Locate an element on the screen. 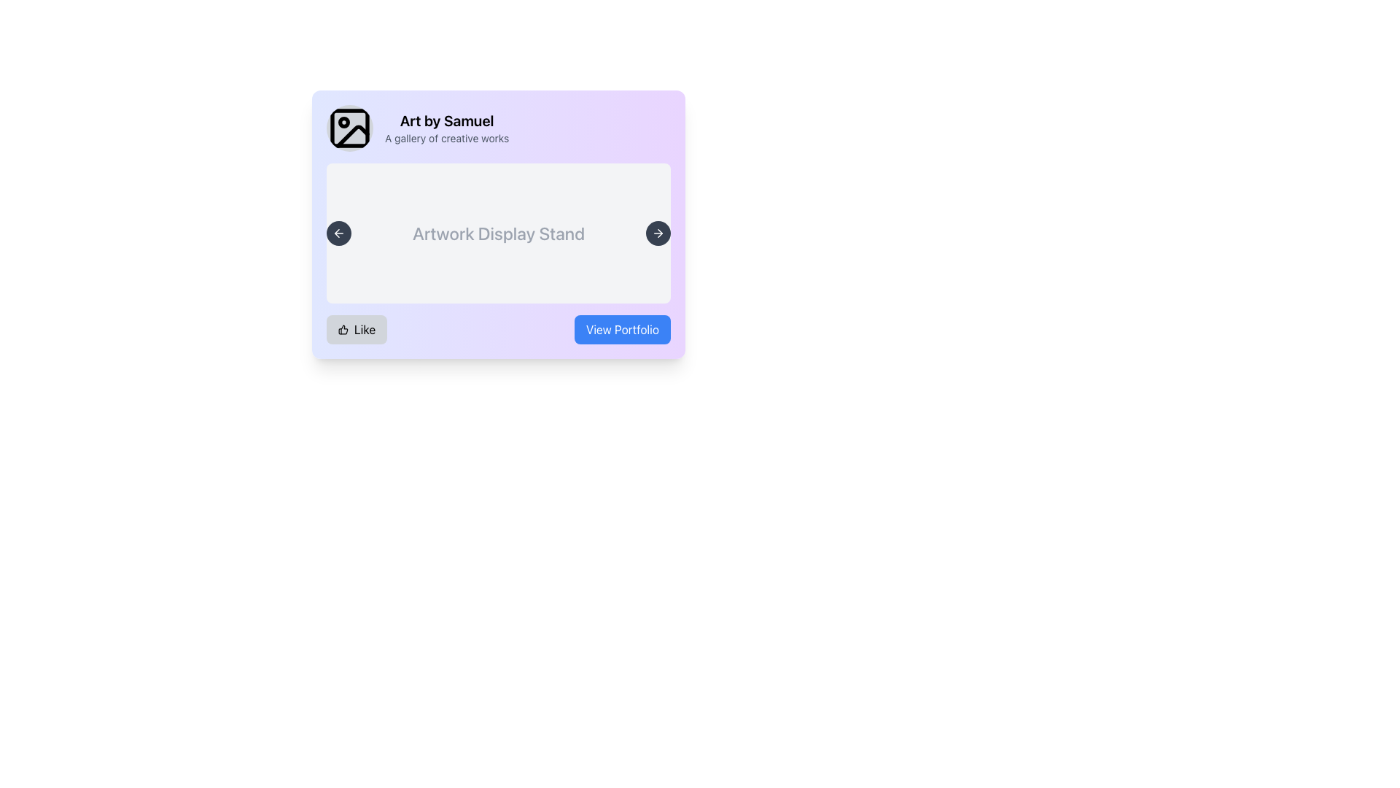 The height and width of the screenshot is (788, 1400). the text label displaying 'Art by Samuel', which is a bold title positioned in the top-left area of the card-like component is located at coordinates (446, 120).